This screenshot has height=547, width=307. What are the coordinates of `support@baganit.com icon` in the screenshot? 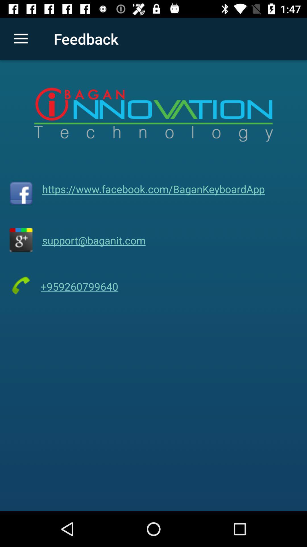 It's located at (94, 240).